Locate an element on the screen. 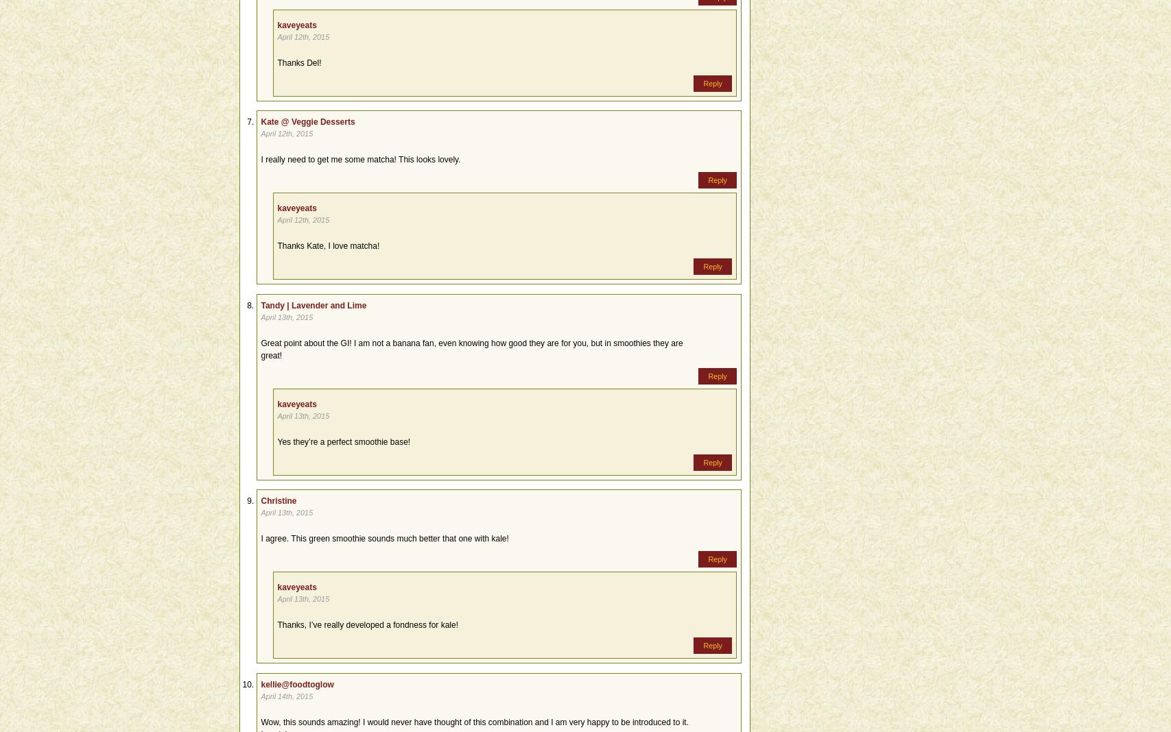 The image size is (1171, 732). 'Thanks, I’ve really developed a fondness for kale!' is located at coordinates (367, 624).